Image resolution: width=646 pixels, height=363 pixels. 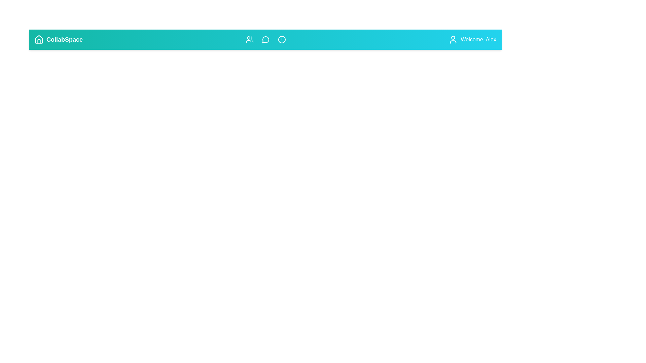 I want to click on the Messages icon to access the messaging feature, so click(x=265, y=40).